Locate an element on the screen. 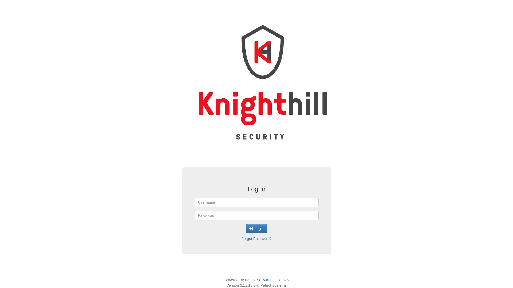 Image resolution: width=513 pixels, height=288 pixels. 'Forgot Password?' is located at coordinates (256, 238).